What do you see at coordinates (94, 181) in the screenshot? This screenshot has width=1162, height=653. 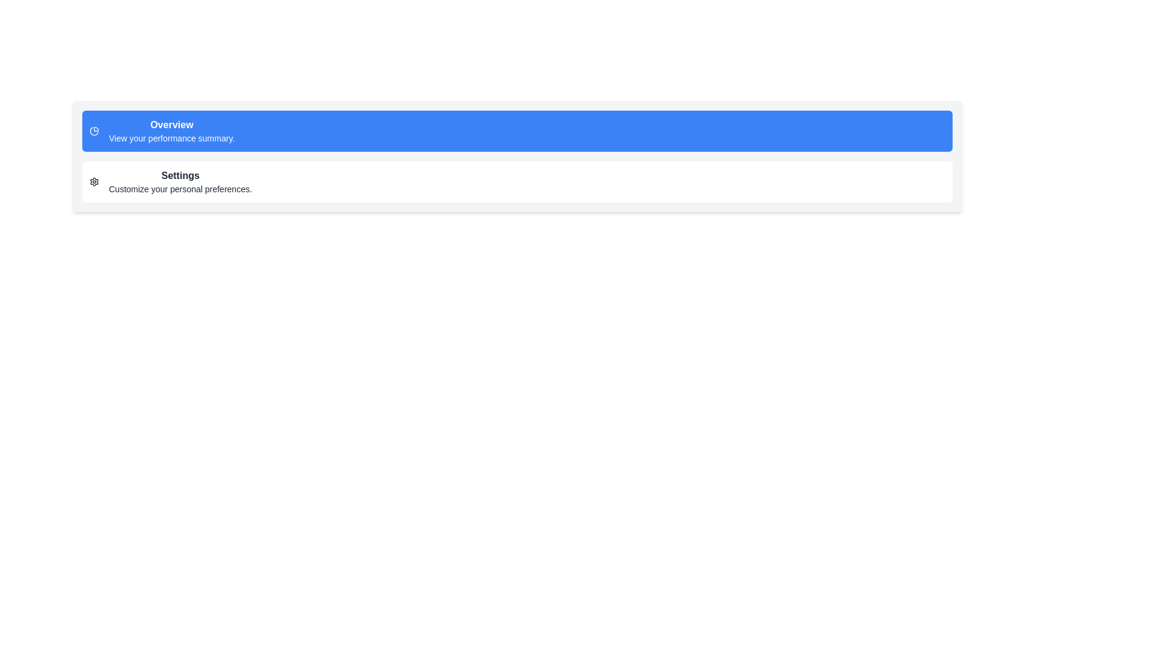 I see `the decorative cogwheel icon located in the 'Settings' row, which is the leftmost graphical component adjacent to the label text` at bounding box center [94, 181].